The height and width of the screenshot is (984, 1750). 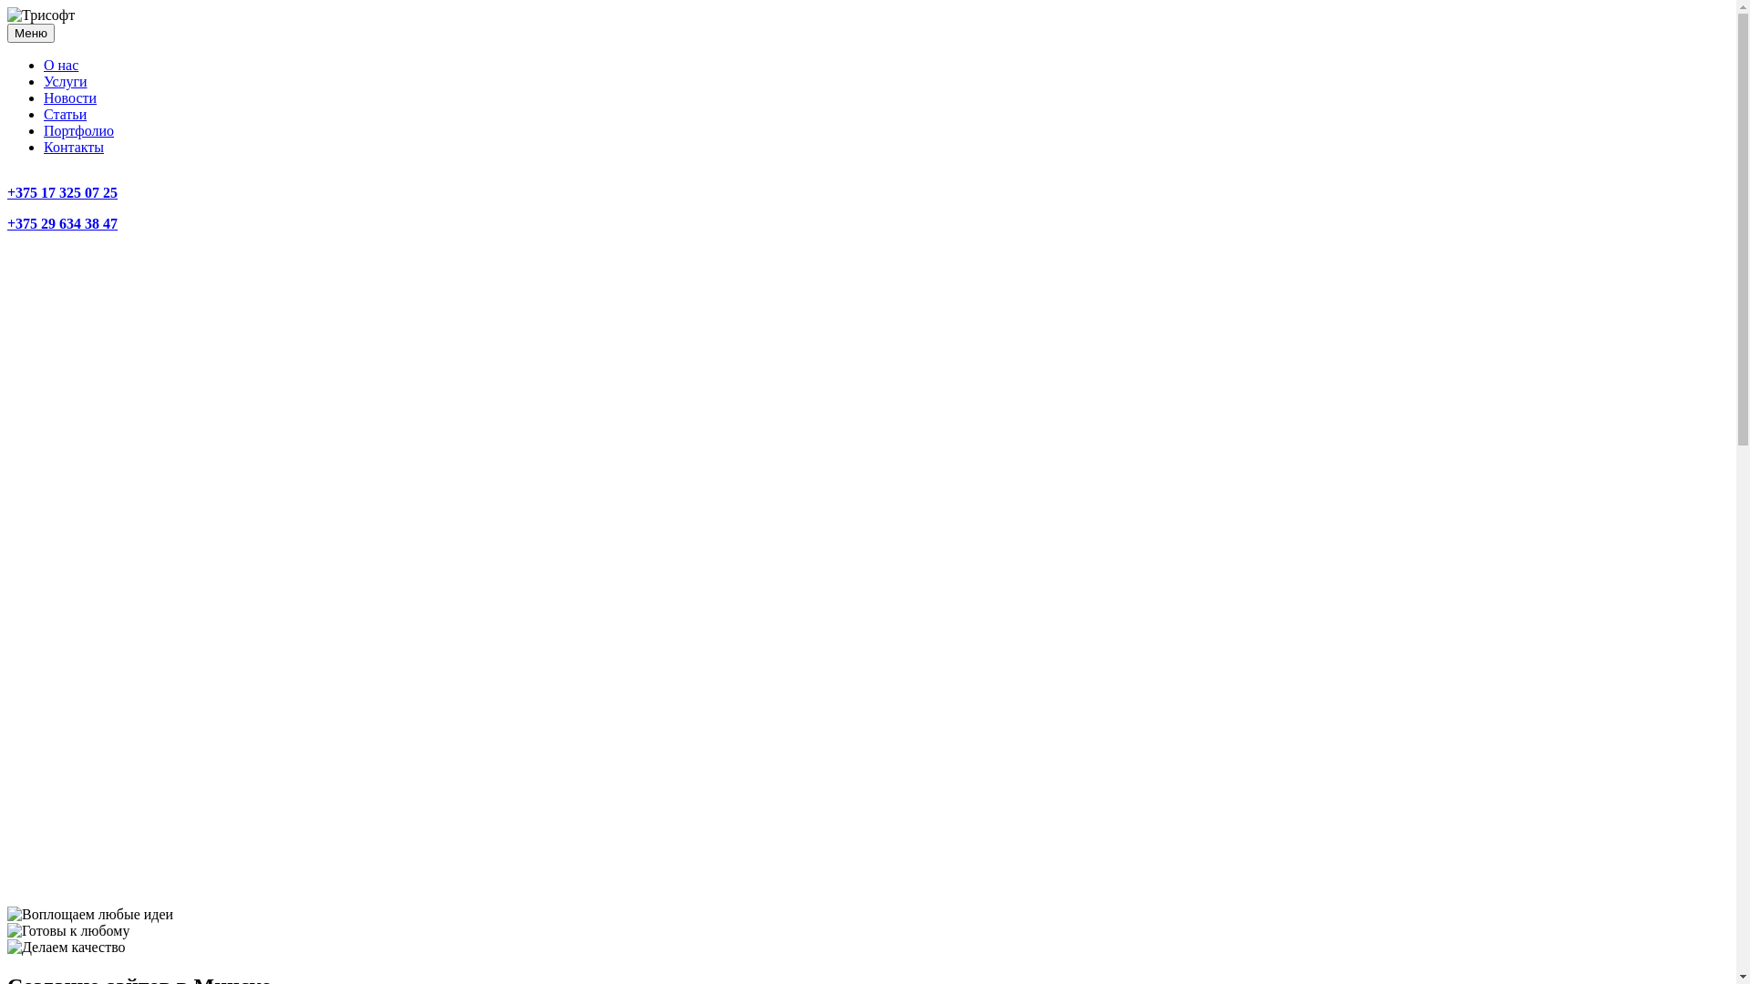 I want to click on '+375 17 325 07 25', so click(x=62, y=192).